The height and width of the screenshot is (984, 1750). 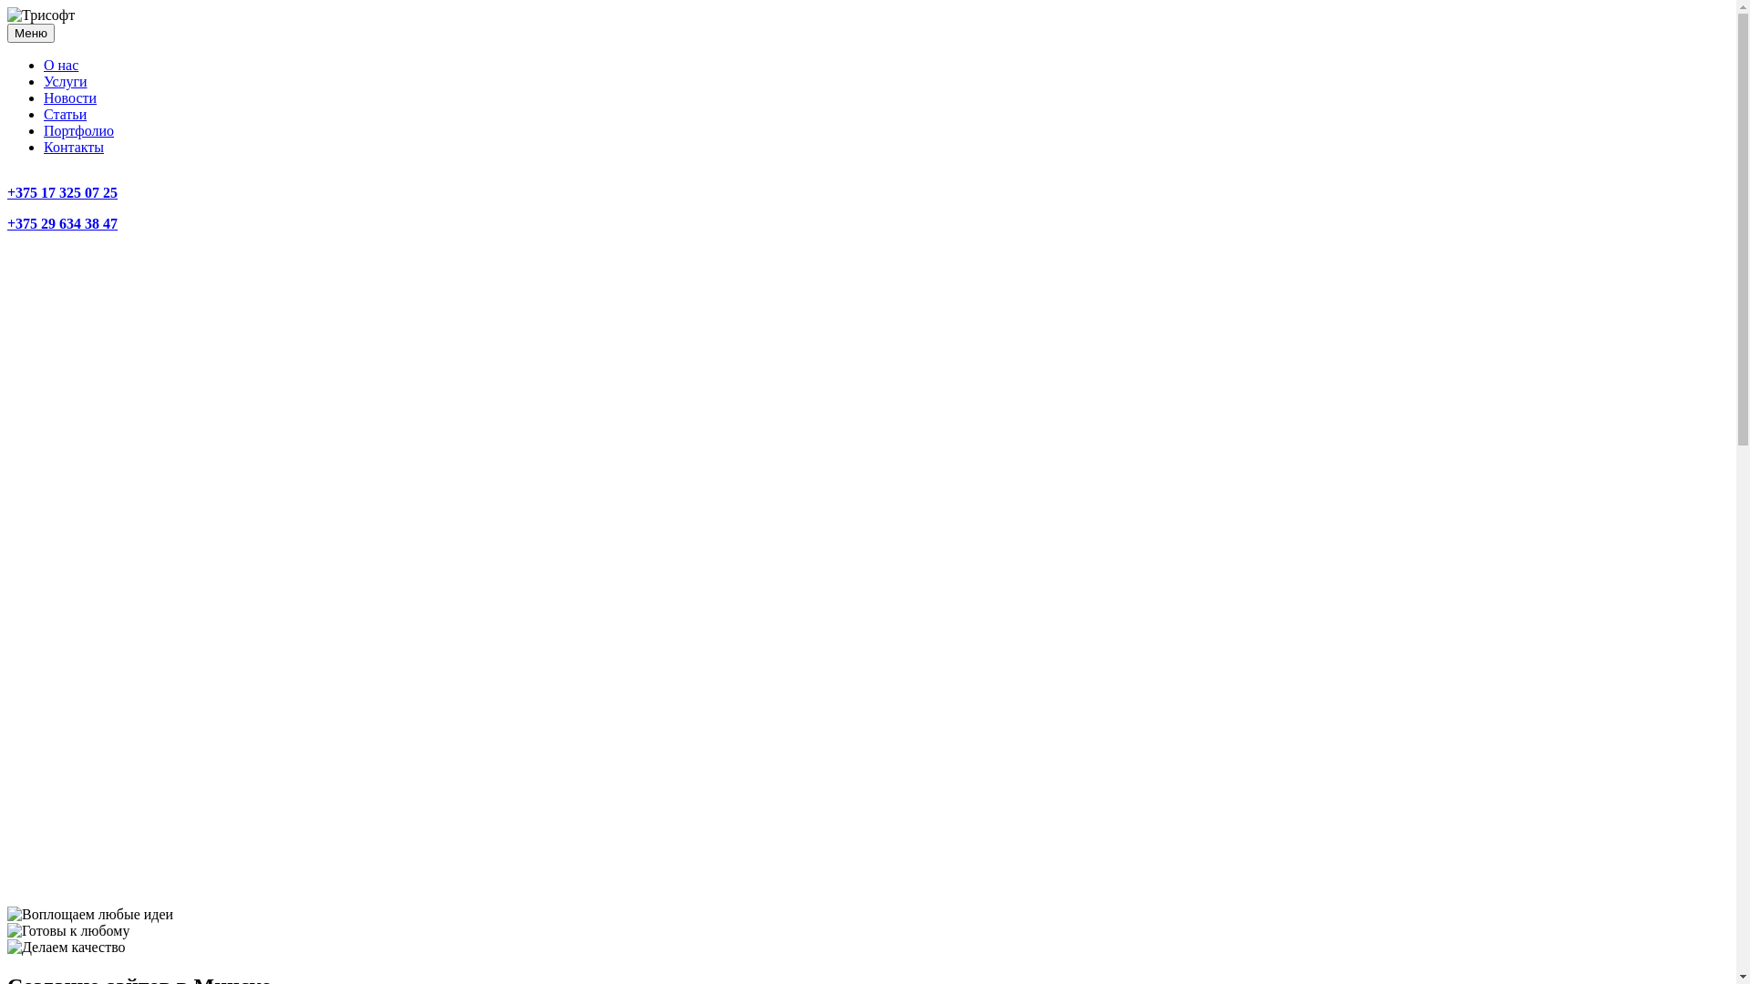 I want to click on '+375 17 325 07 25', so click(x=62, y=192).